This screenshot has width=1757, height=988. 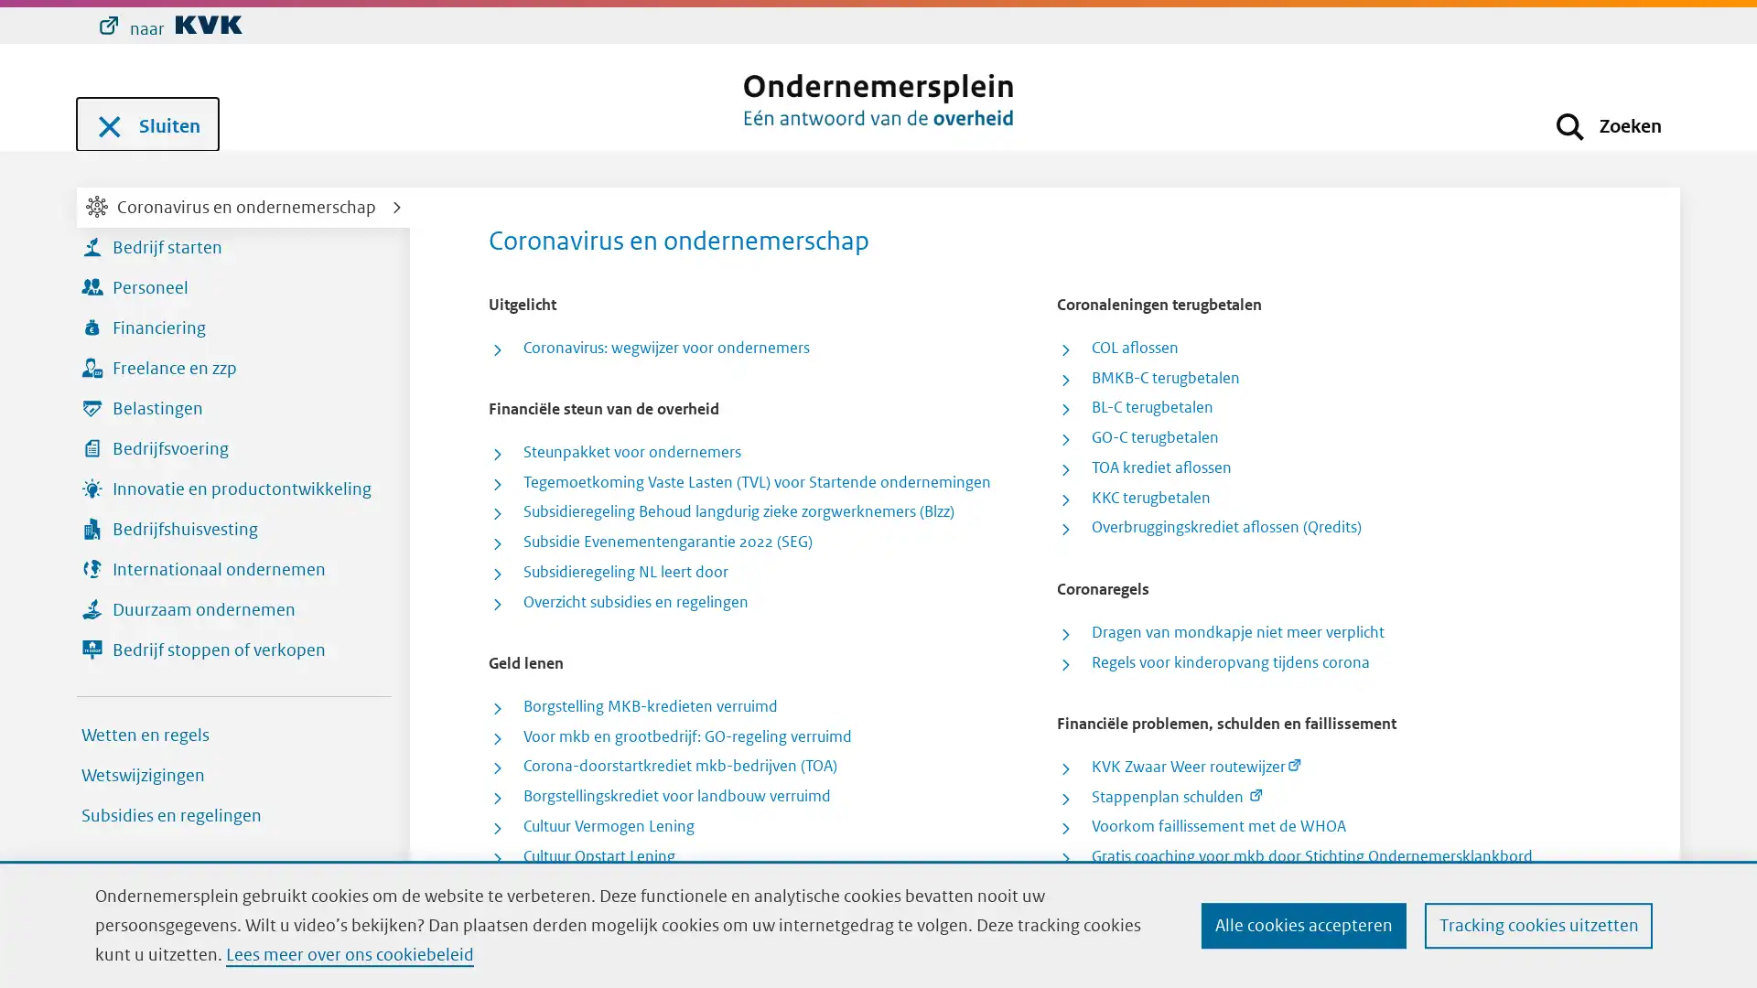 What do you see at coordinates (1537, 925) in the screenshot?
I see `Tracking cookies uitzetten` at bounding box center [1537, 925].